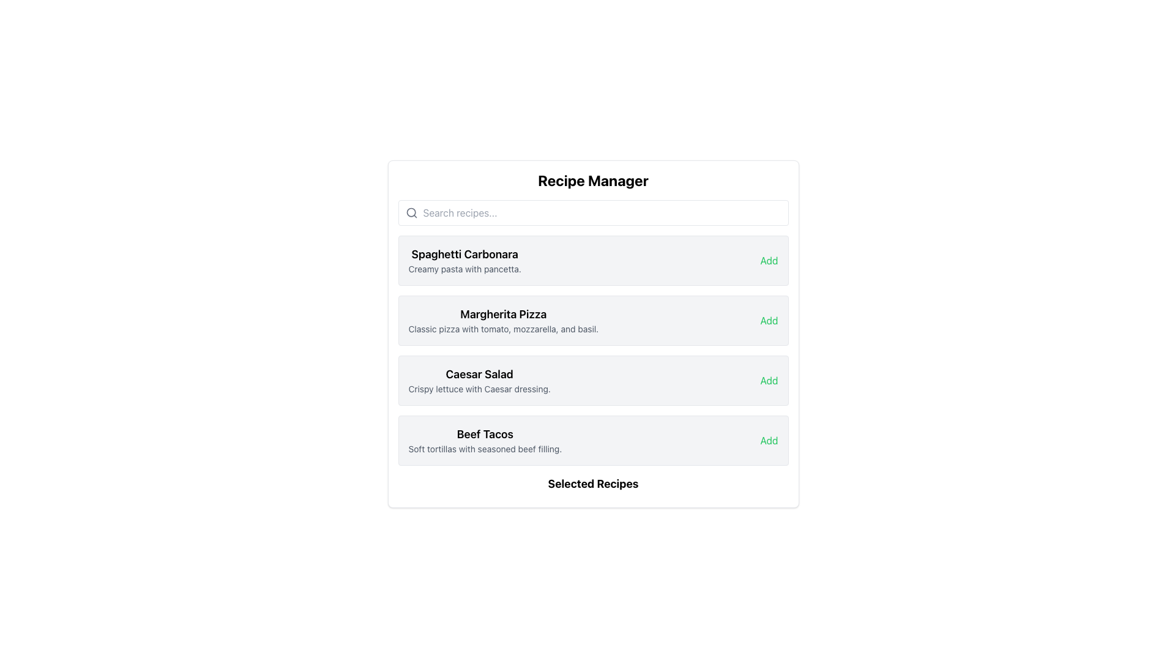  I want to click on the descriptive text 'Crispy lettuce with Caesar dressing.' located beneath the header 'Caesar Salad' in the recipe list, so click(479, 389).